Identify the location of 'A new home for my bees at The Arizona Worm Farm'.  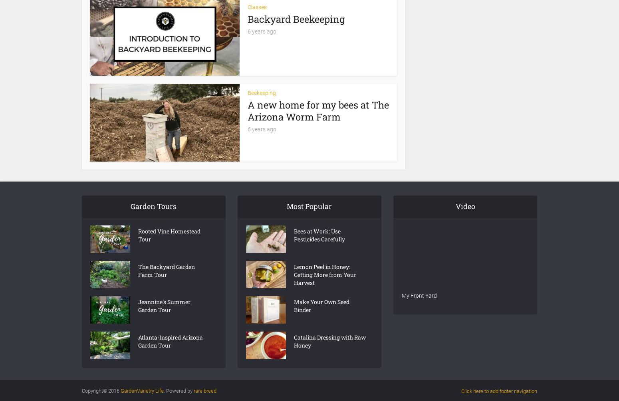
(248, 110).